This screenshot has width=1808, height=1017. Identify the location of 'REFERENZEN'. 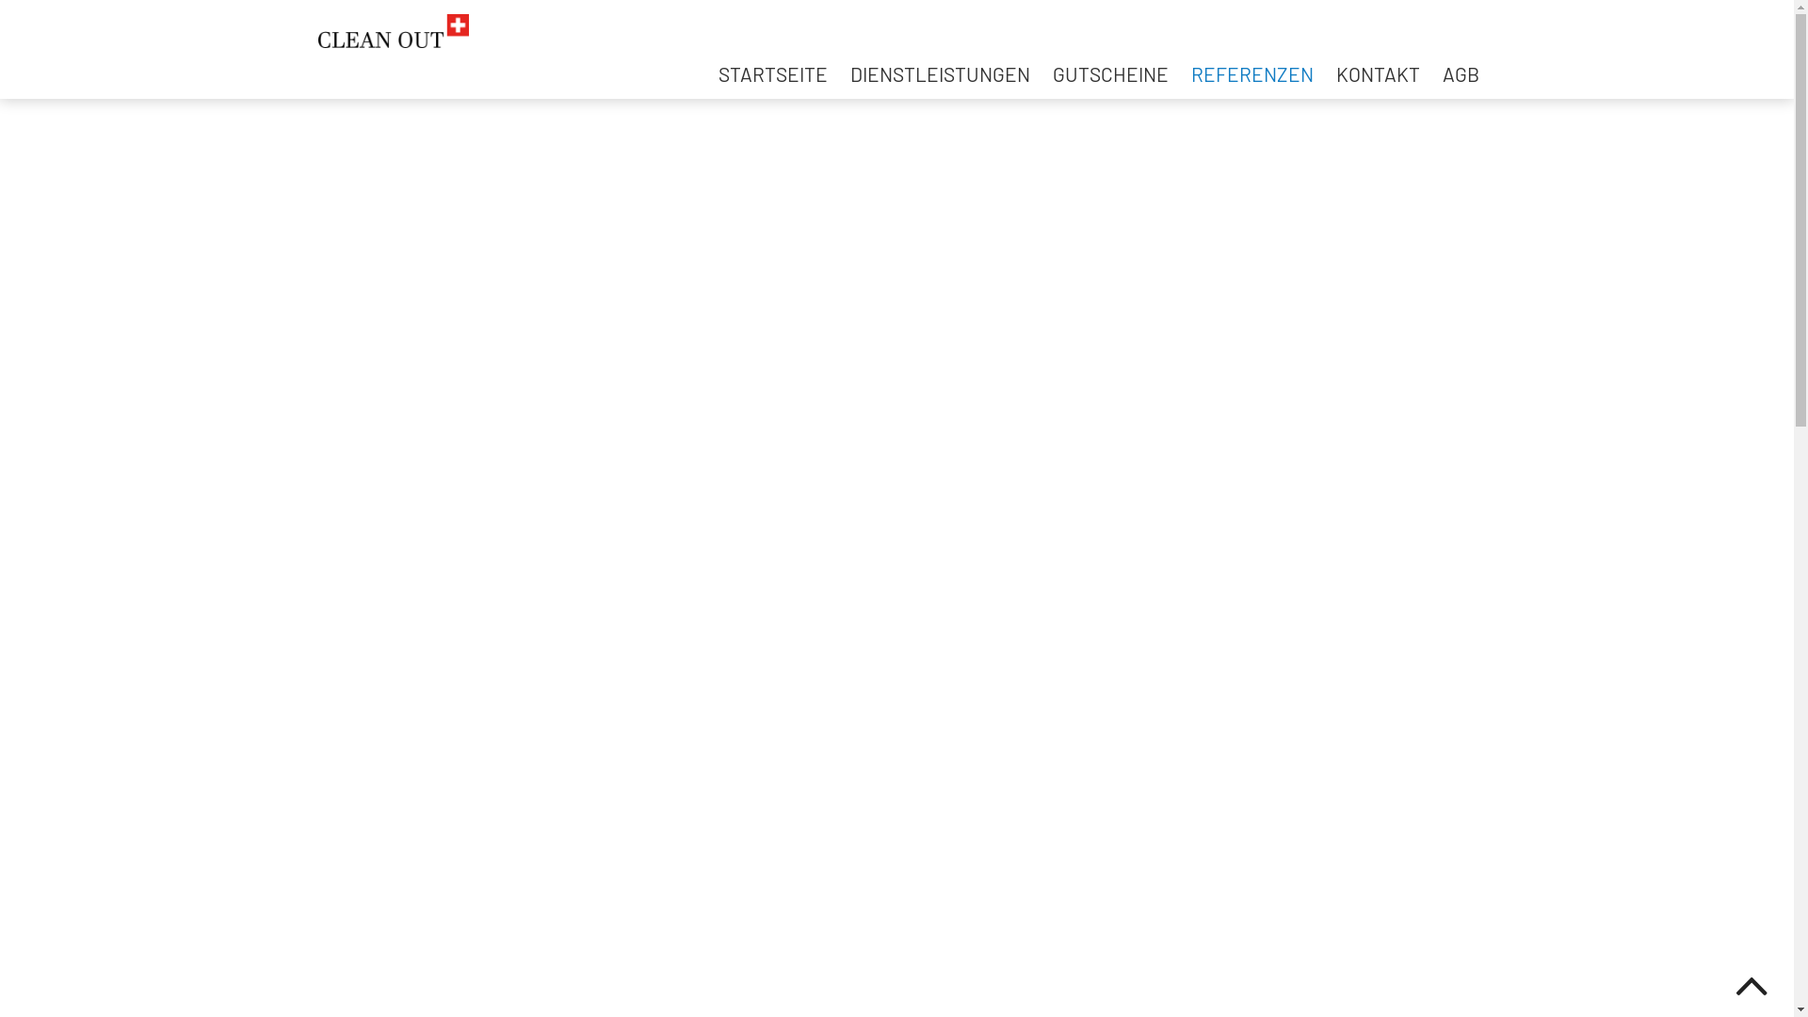
(1251, 73).